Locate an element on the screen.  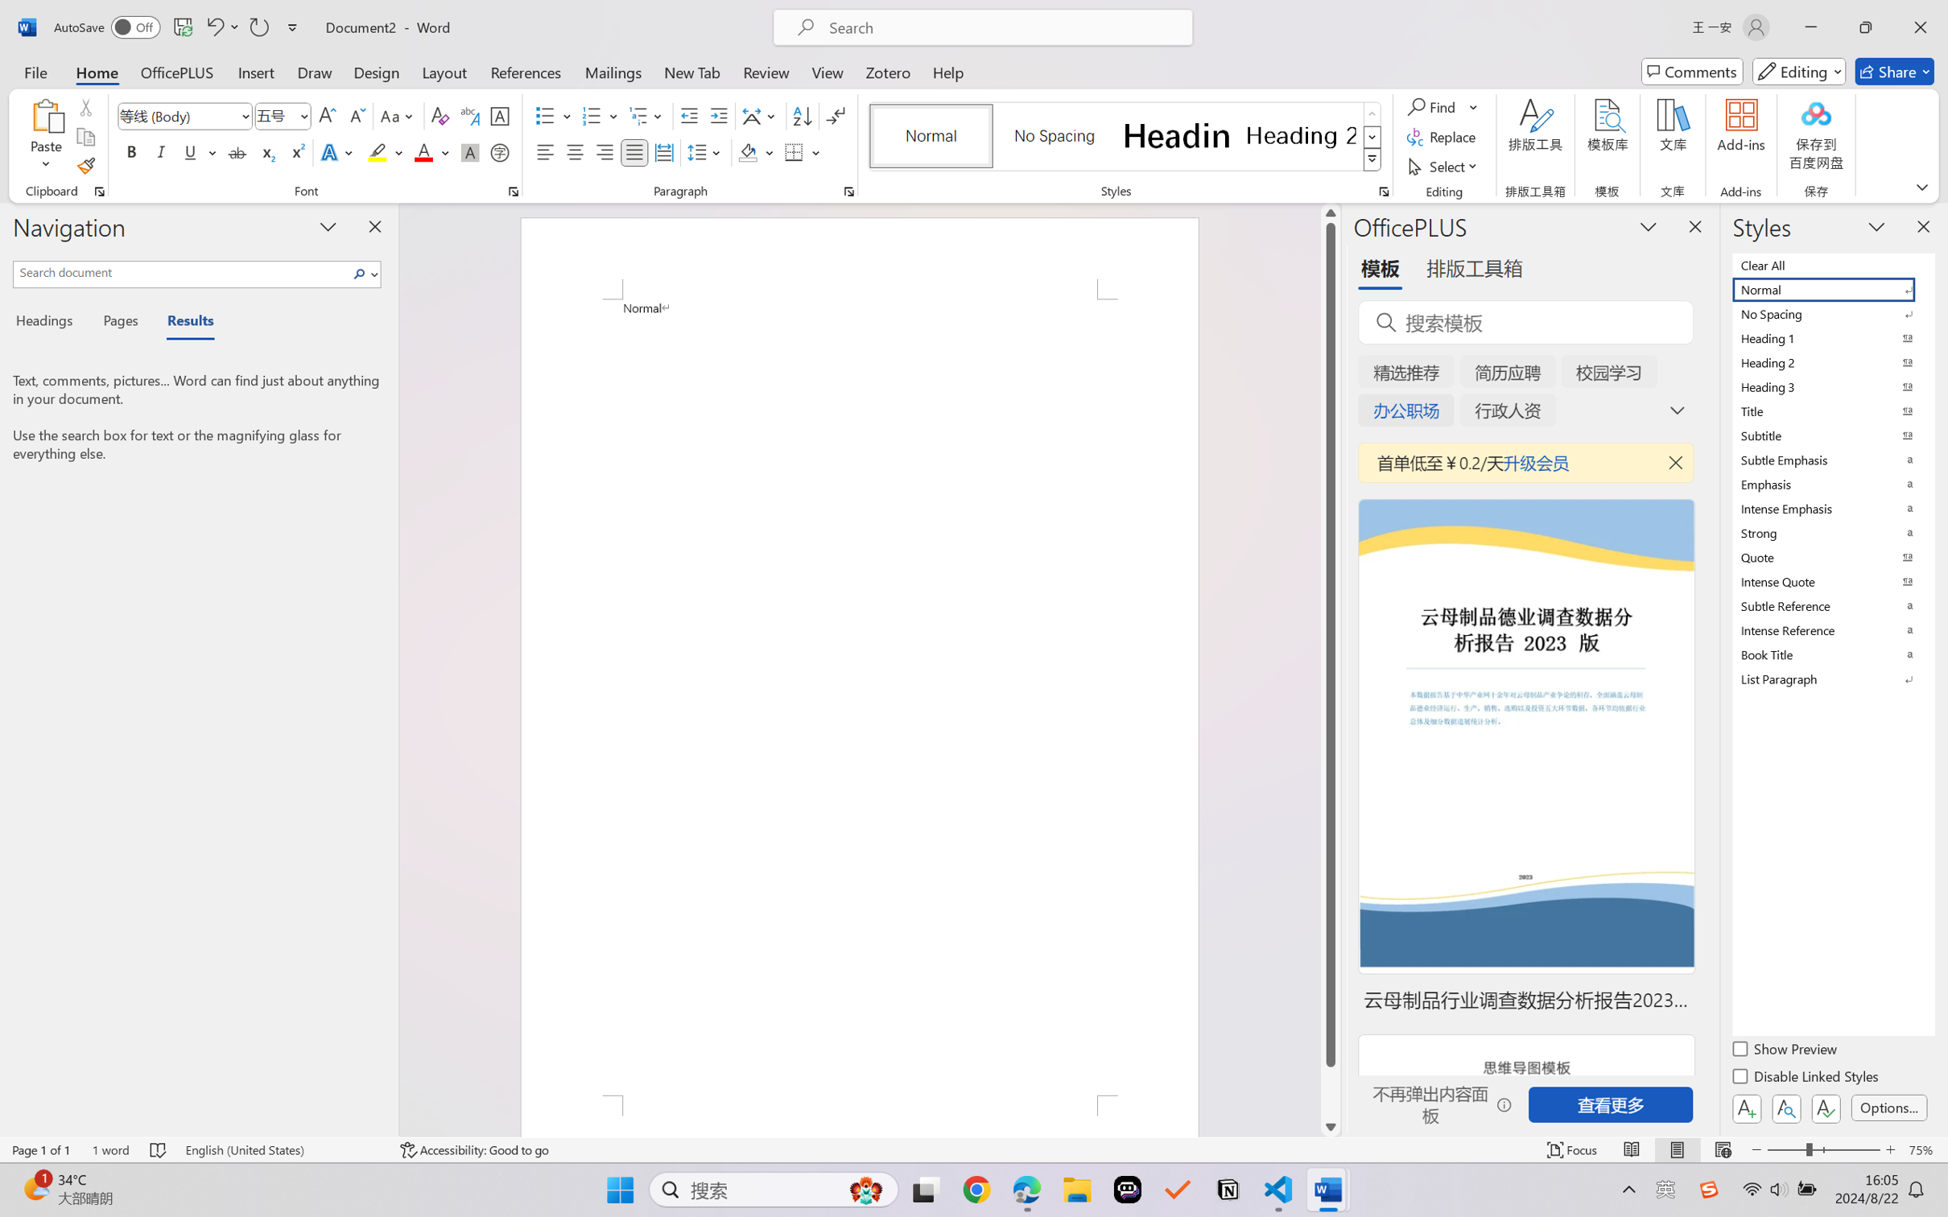
'Format Painter' is located at coordinates (85, 167).